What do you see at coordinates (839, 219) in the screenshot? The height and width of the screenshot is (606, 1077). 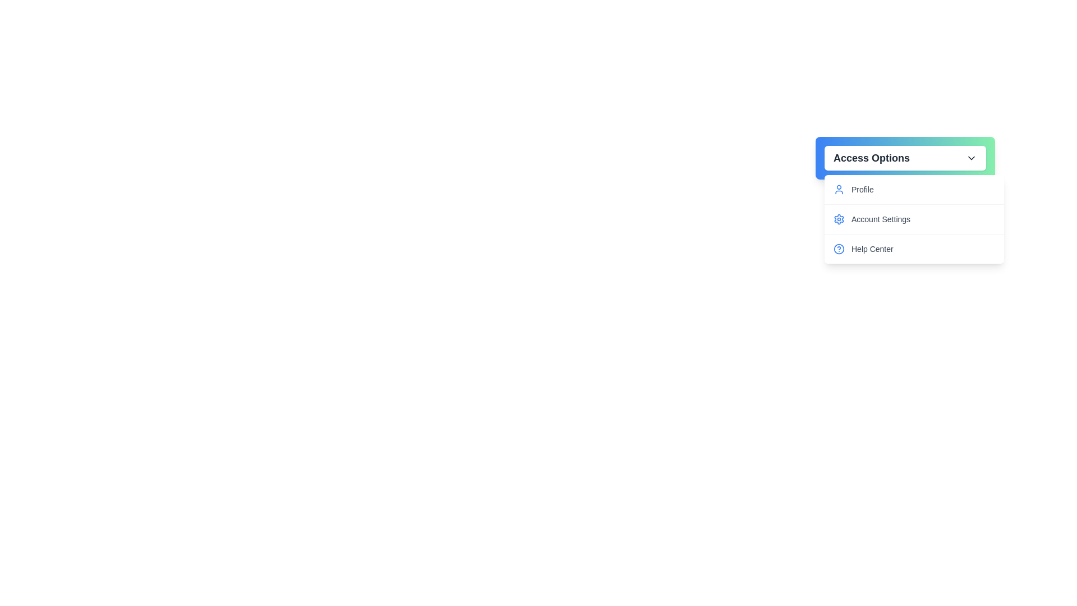 I see `the 'Account Settings' icon located in the dropdown menu under 'Access Options', situated left of the 'Account Settings' text` at bounding box center [839, 219].